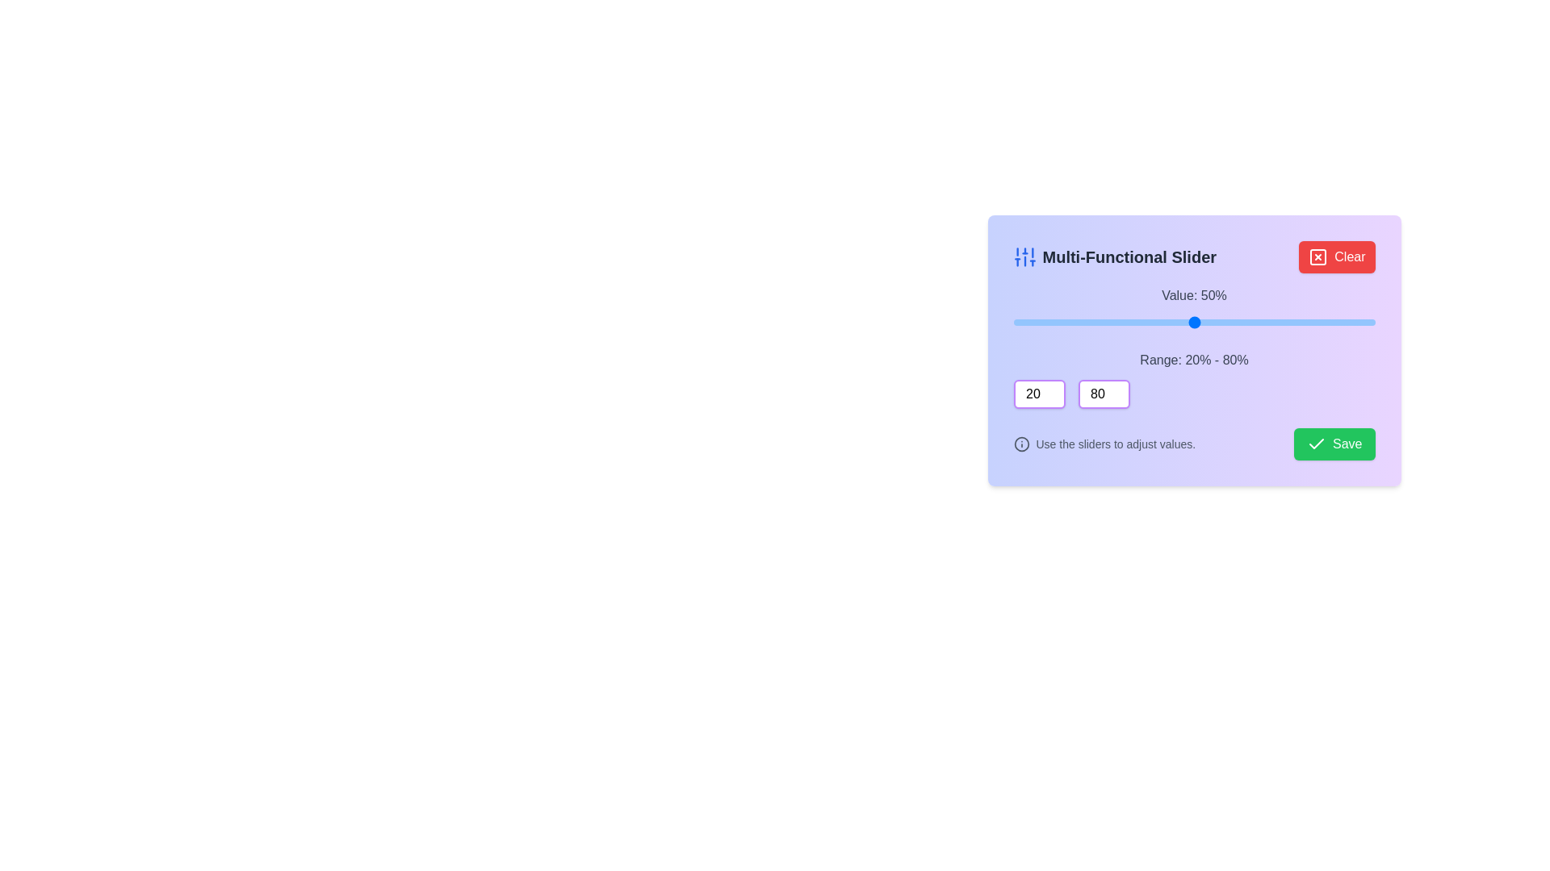 The image size is (1550, 871). I want to click on the numerical input field with a purple border and rounded corners, which contains the number '20', to trigger any tooltips, so click(1039, 394).